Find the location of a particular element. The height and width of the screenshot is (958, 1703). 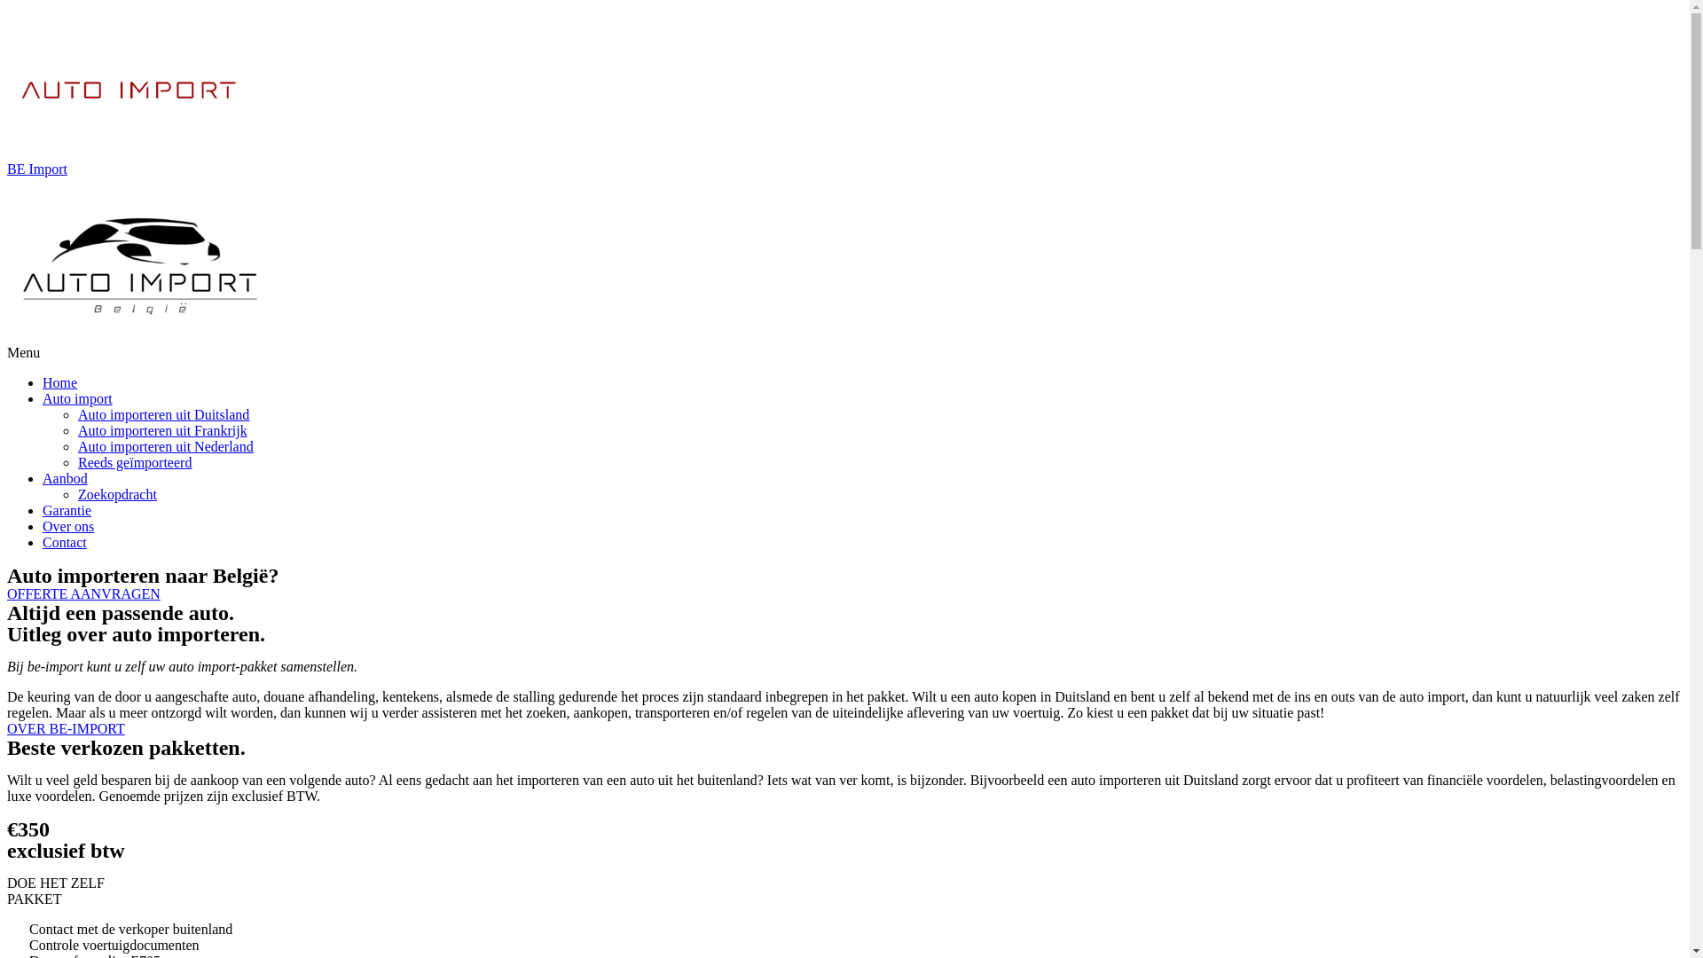

'Auto importeren uit Duitsland' is located at coordinates (76, 414).